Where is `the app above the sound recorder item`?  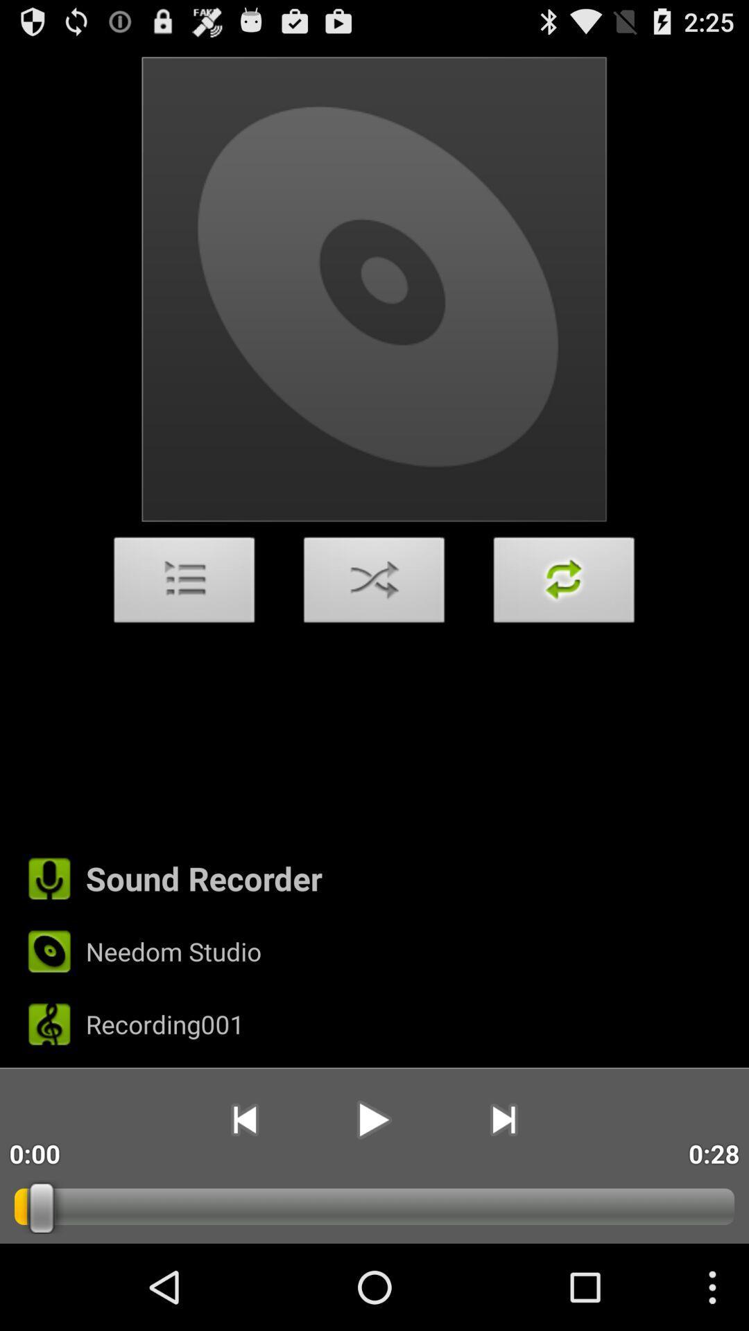
the app above the sound recorder item is located at coordinates (564, 584).